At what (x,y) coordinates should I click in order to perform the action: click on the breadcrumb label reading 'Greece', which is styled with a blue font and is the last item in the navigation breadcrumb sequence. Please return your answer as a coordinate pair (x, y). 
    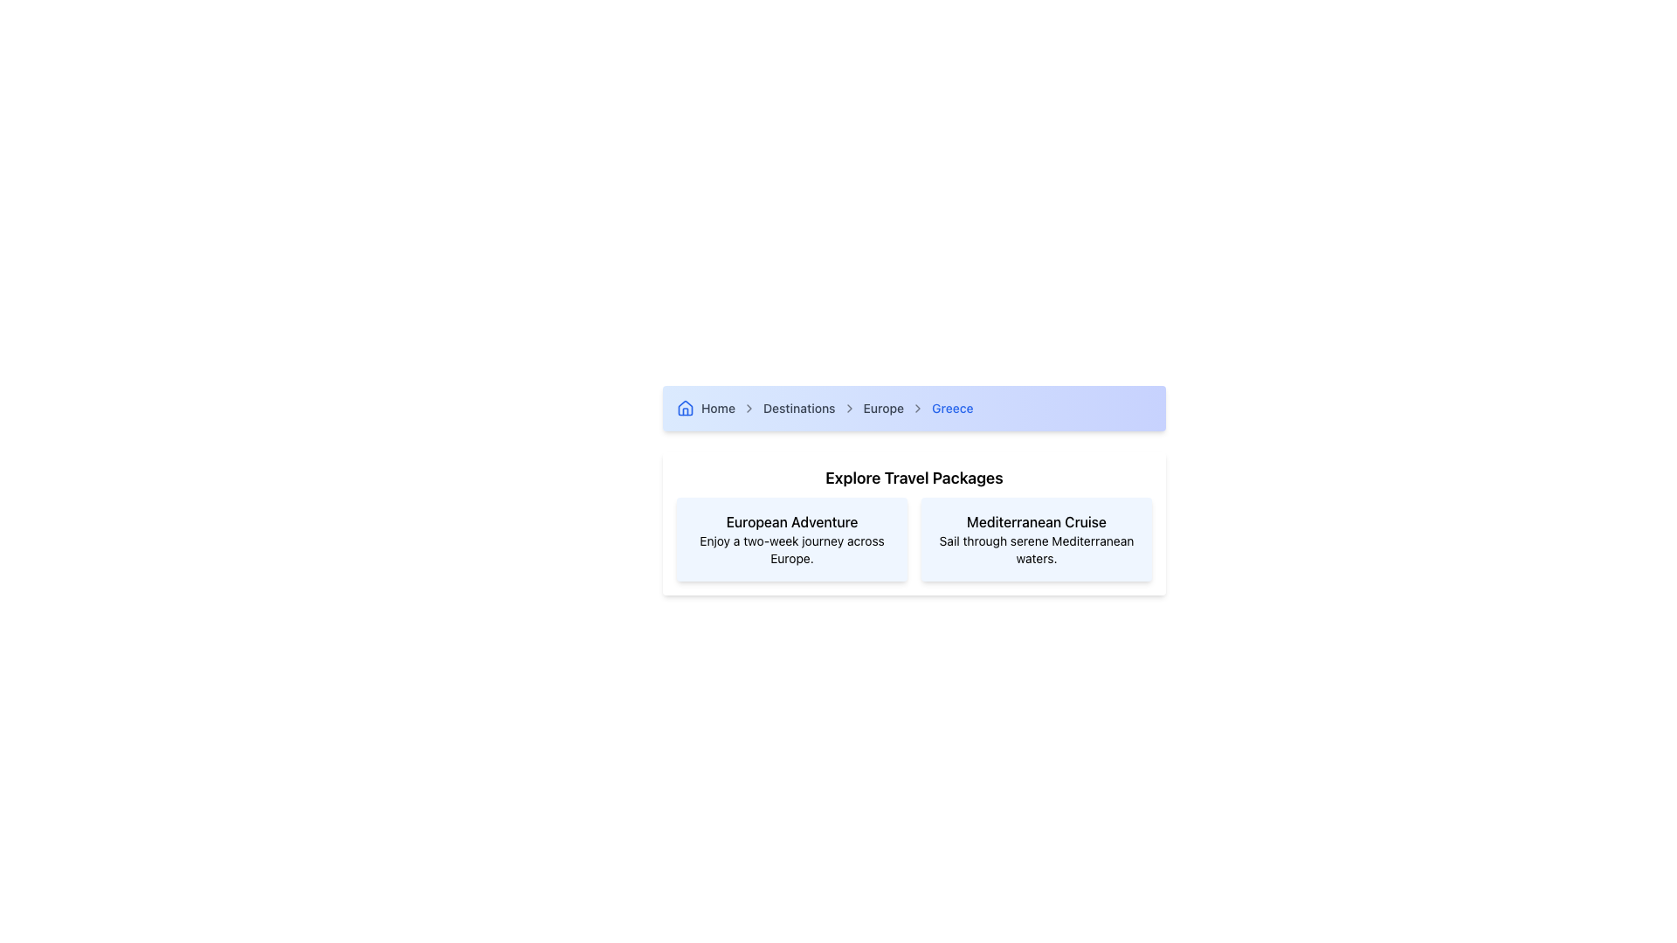
    Looking at the image, I should click on (951, 408).